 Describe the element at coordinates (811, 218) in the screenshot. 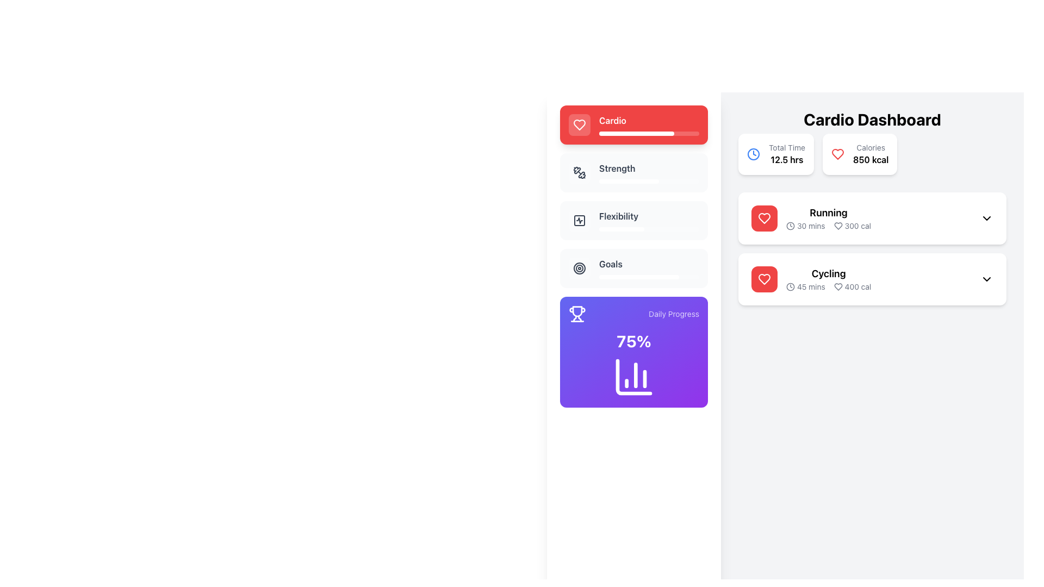

I see `the Information card that presents details about a specific cardio activity located in the upper right region of the Cardio Dashboard section` at that location.